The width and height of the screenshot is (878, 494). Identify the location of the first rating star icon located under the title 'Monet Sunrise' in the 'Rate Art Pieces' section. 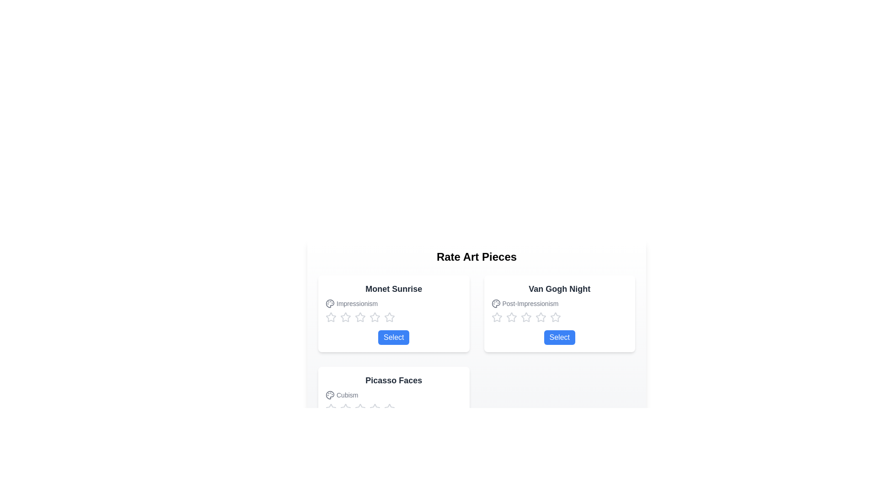
(331, 317).